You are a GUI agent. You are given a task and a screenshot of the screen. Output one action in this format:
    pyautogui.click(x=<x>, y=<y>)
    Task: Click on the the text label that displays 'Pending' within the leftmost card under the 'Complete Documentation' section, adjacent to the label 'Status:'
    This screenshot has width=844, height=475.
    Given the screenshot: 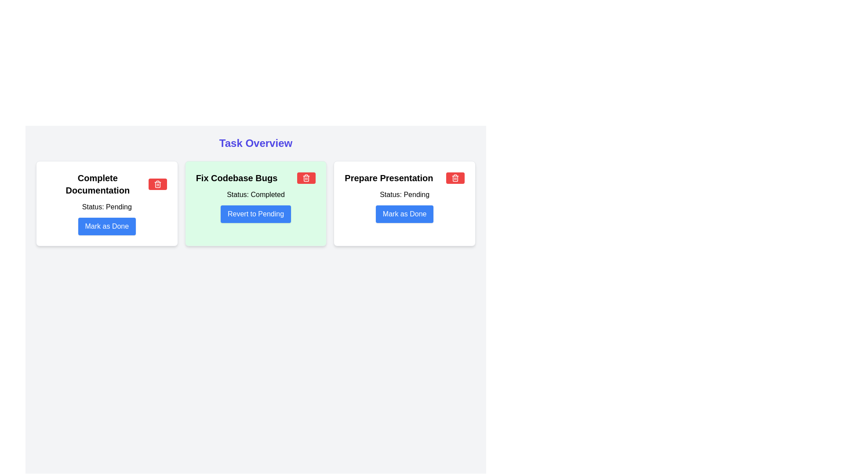 What is the action you would take?
    pyautogui.click(x=118, y=207)
    